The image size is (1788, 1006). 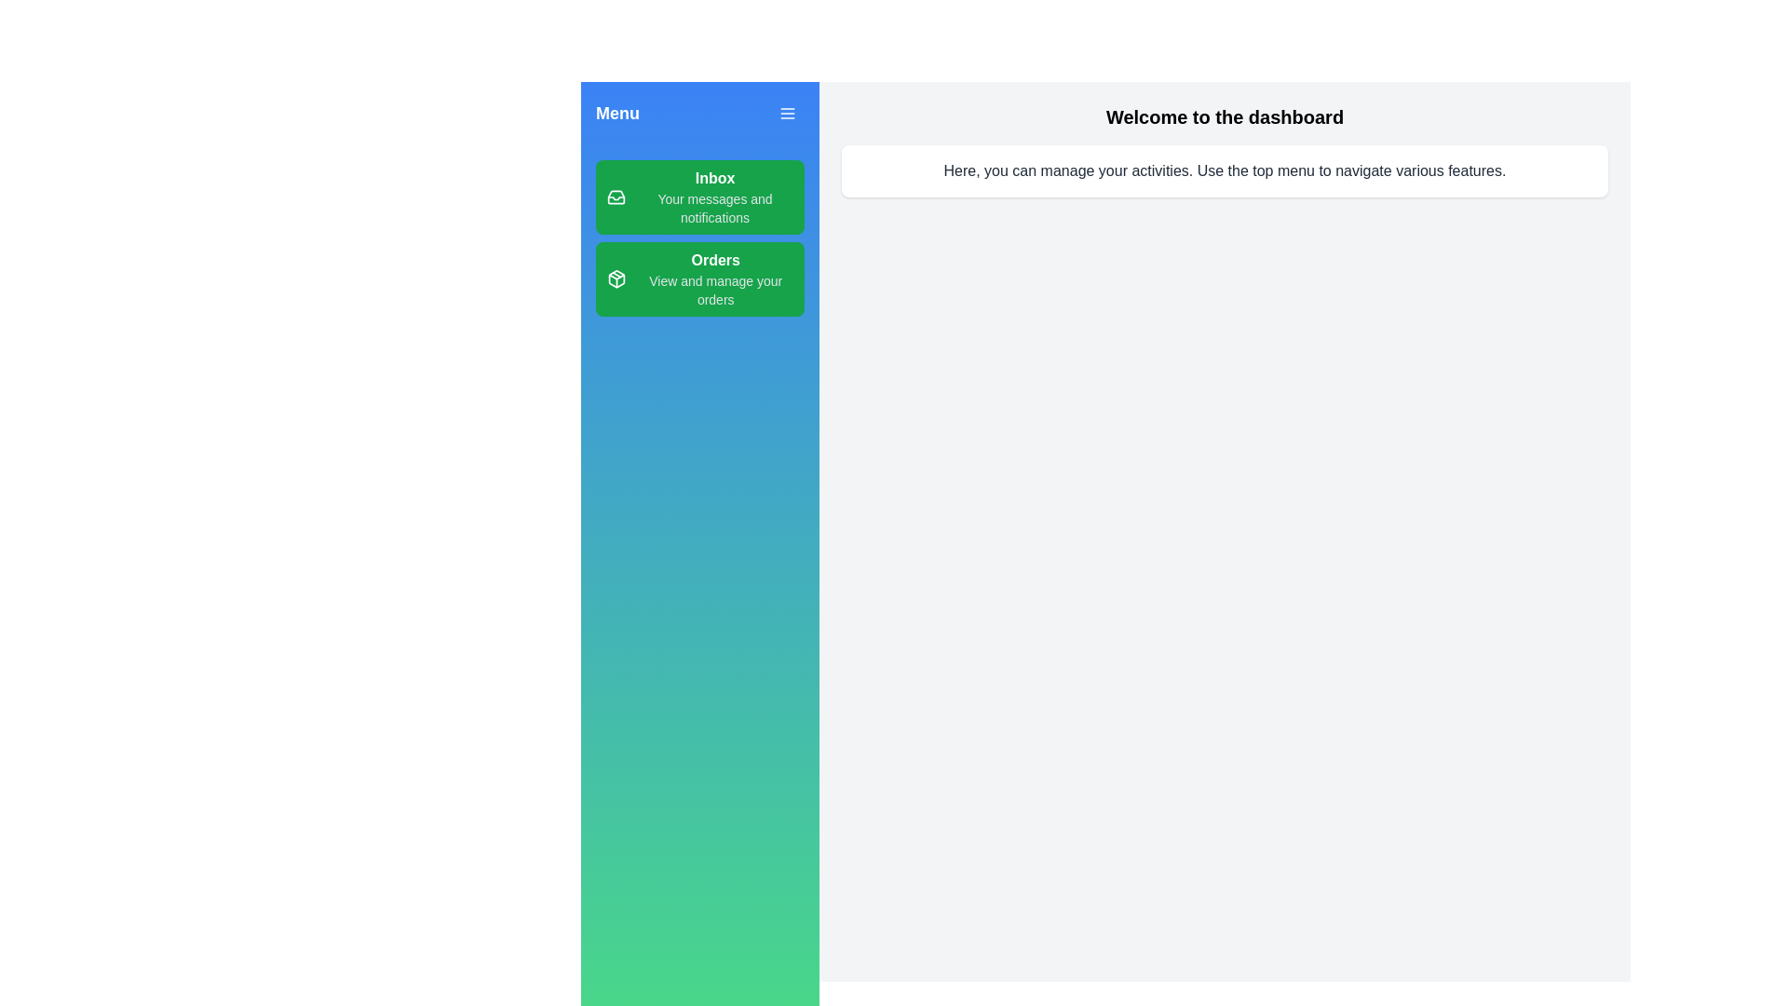 I want to click on the menu item labeled Inbox to navigate to its section, so click(x=699, y=197).